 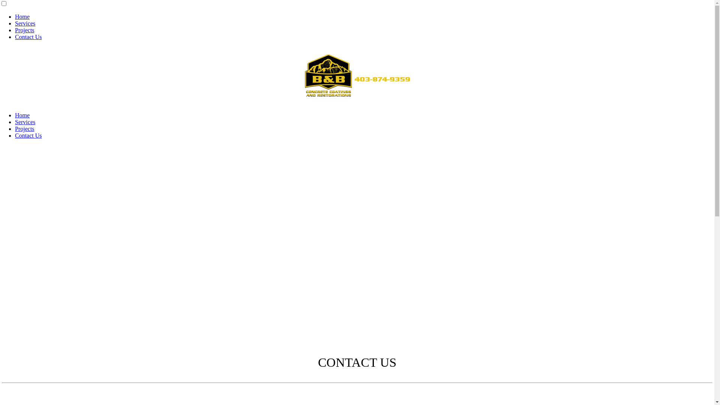 I want to click on 'Contact Us', so click(x=28, y=135).